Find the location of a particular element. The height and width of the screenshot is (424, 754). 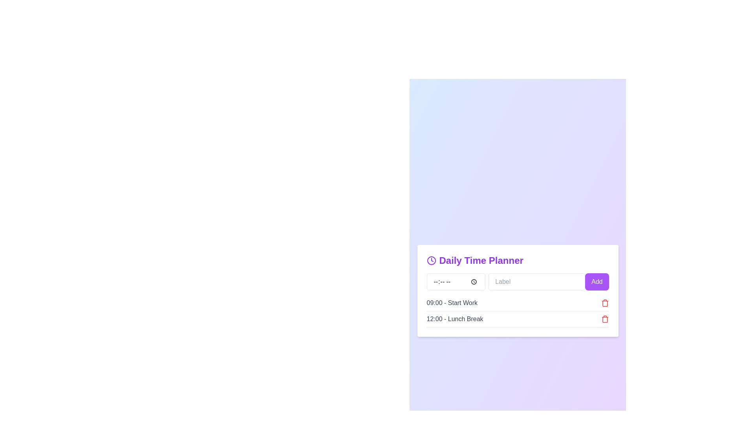

the Text Label that serves as the title for the time planning module, located at the top of the panel above input fields and buttons is located at coordinates (518, 260).